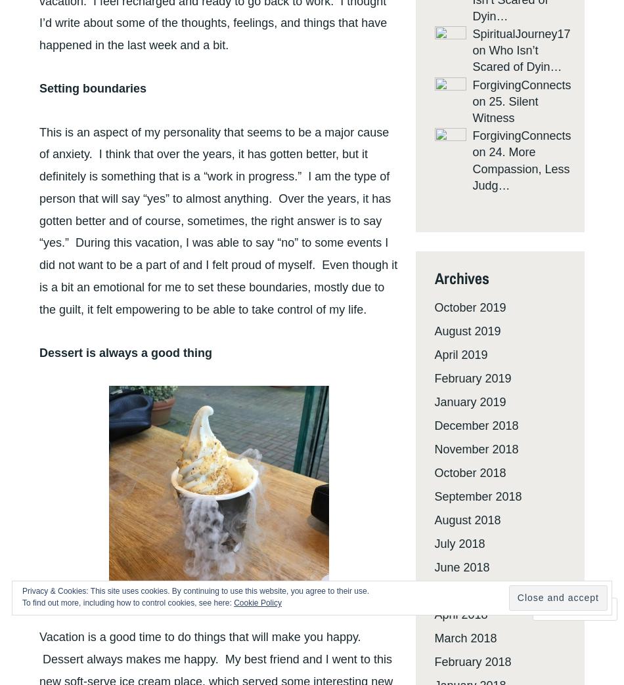 Image resolution: width=624 pixels, height=685 pixels. I want to click on 'November 2018', so click(434, 448).